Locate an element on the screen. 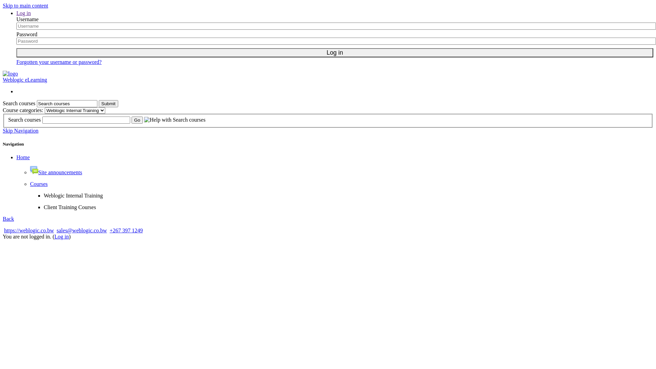 This screenshot has height=369, width=656. 'Forum' is located at coordinates (29, 169).